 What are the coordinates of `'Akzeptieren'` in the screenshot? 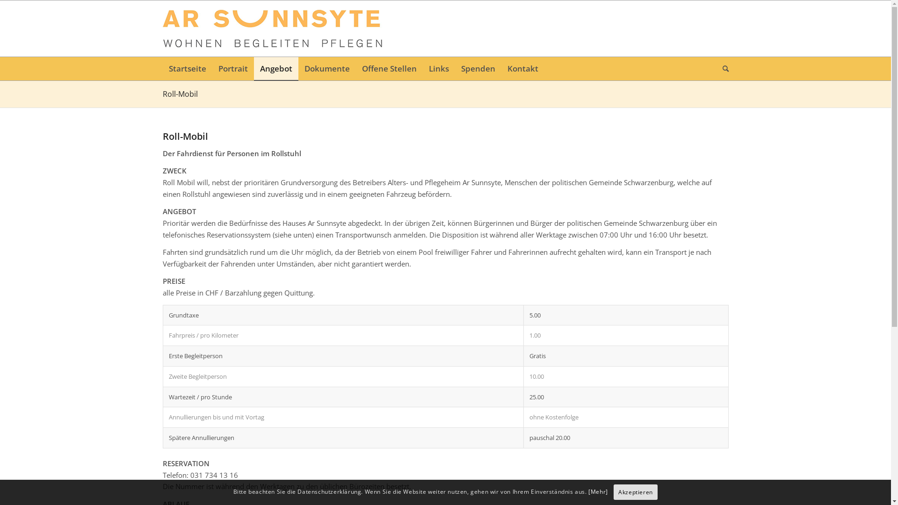 It's located at (635, 492).